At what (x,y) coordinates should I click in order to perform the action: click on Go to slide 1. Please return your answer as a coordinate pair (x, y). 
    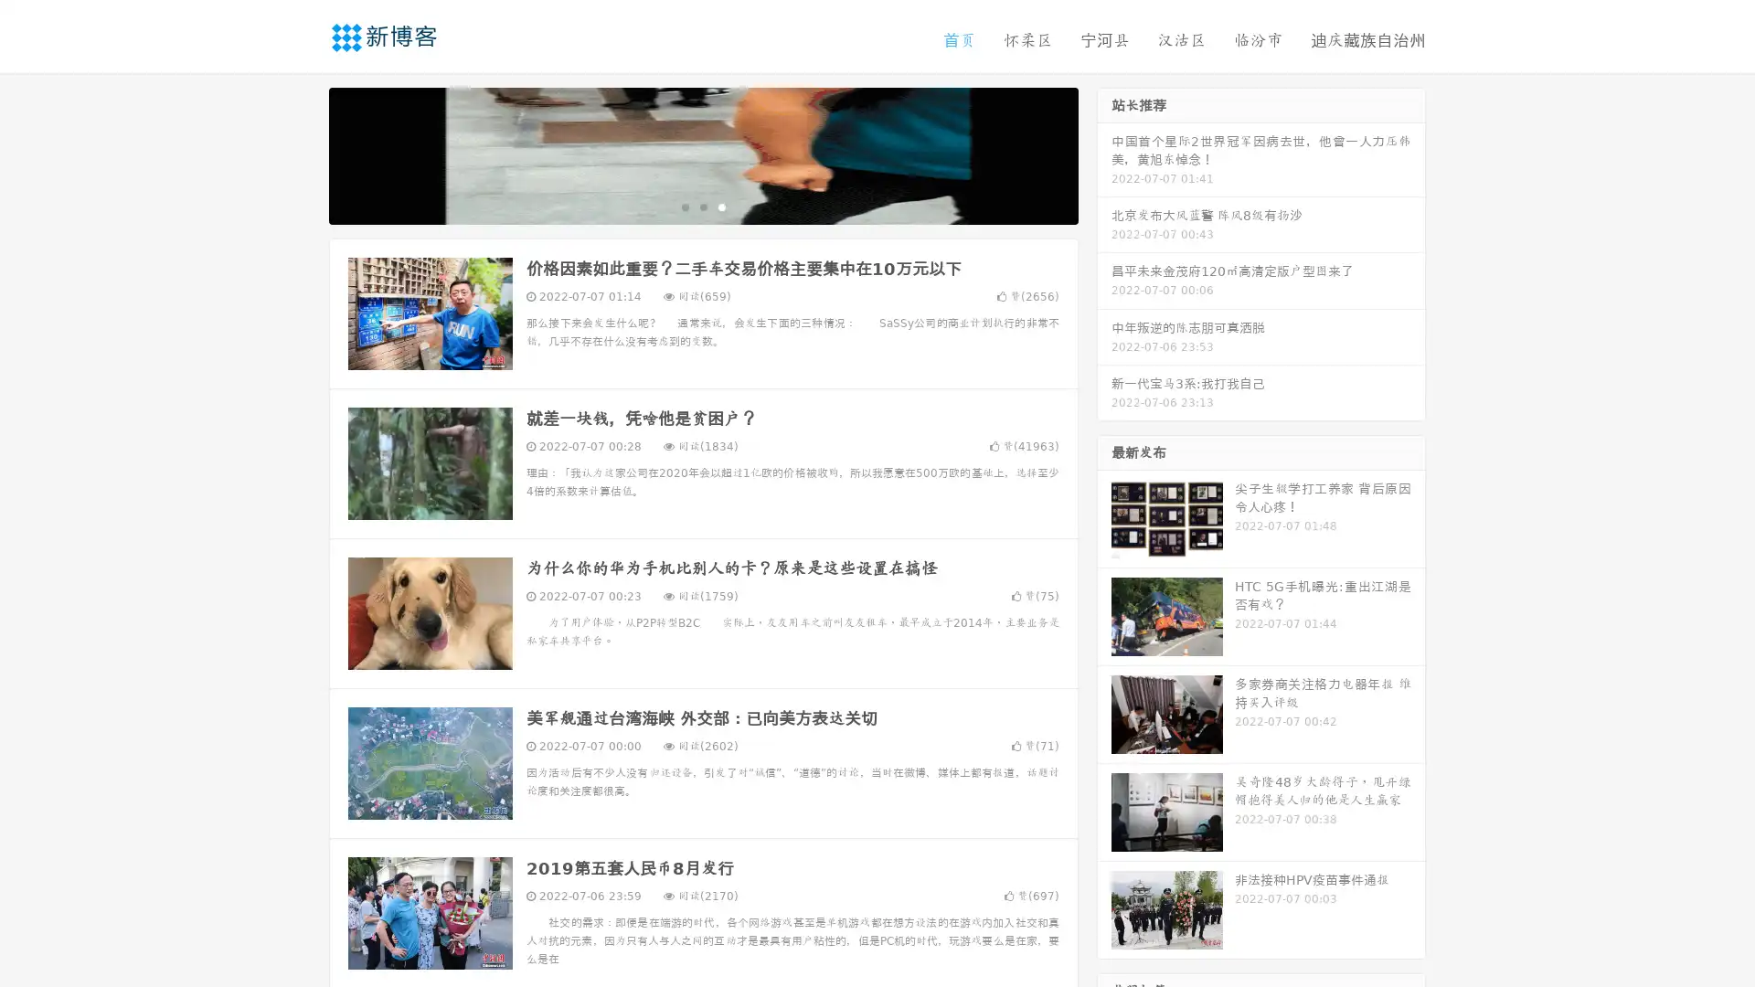
    Looking at the image, I should click on (684, 206).